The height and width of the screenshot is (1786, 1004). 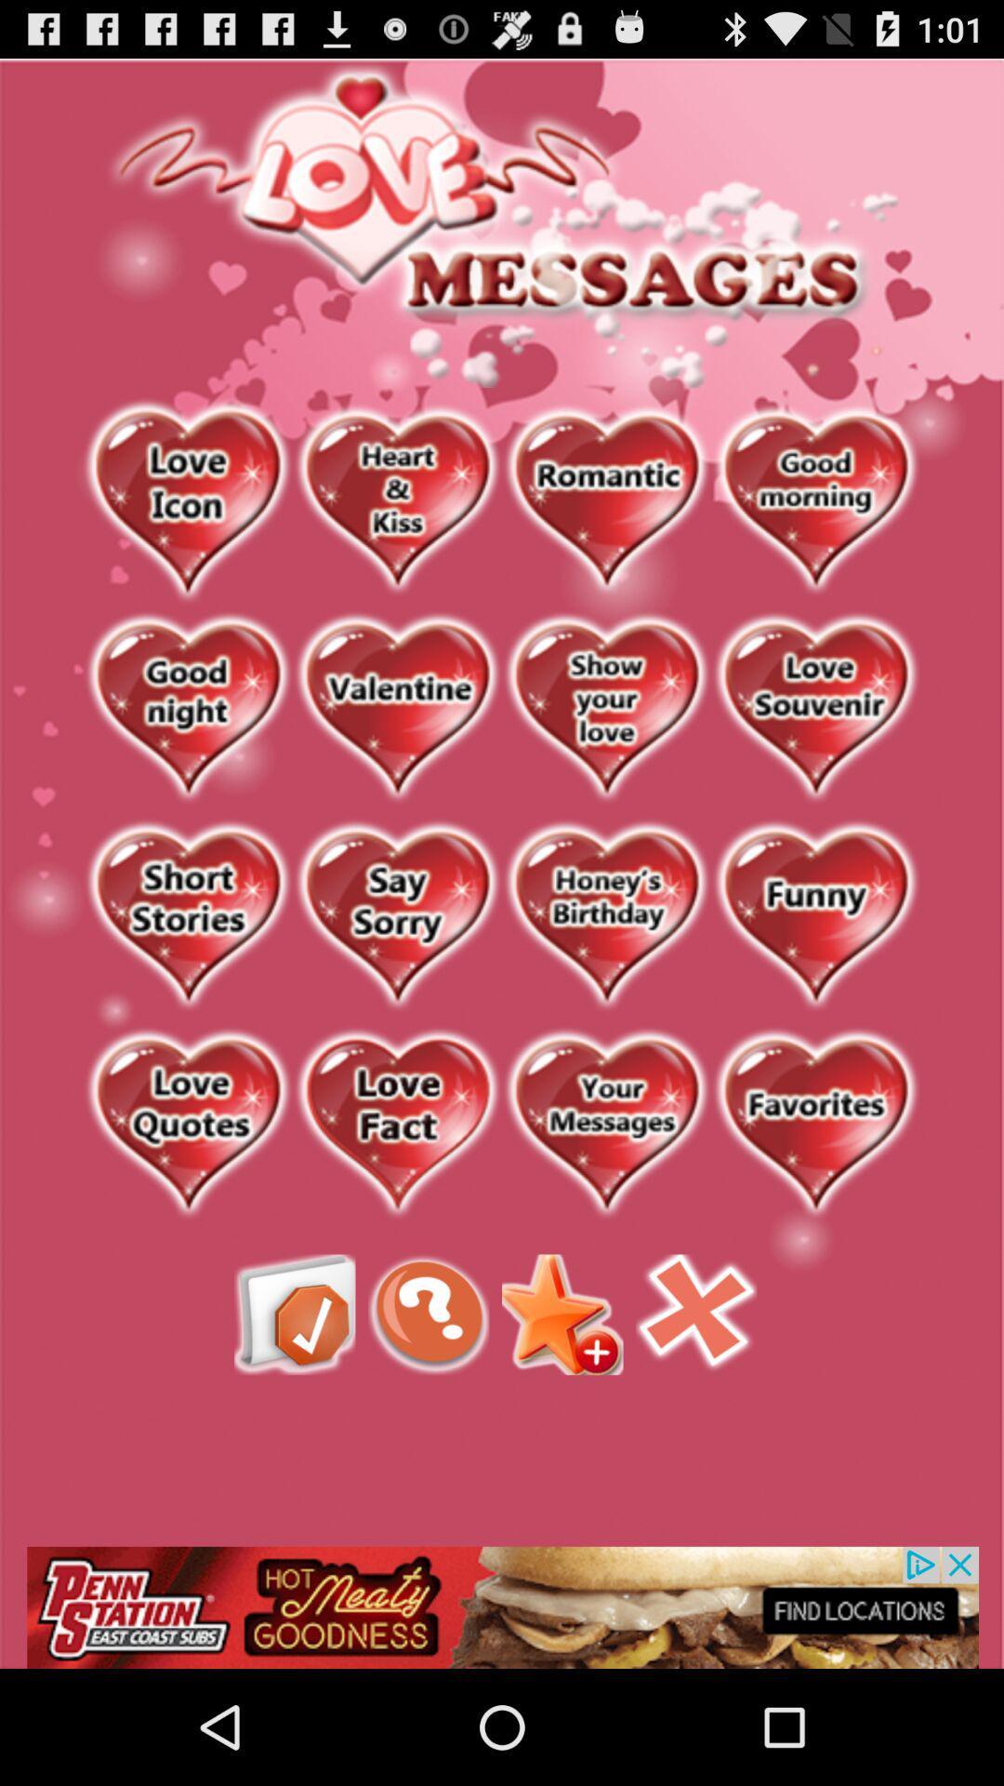 I want to click on say sorry, so click(x=396, y=917).